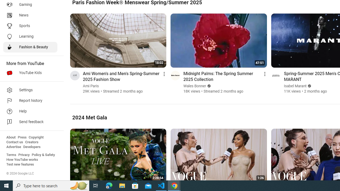 The image size is (340, 191). What do you see at coordinates (90, 117) in the screenshot?
I see `'2024 Met Gala'` at bounding box center [90, 117].